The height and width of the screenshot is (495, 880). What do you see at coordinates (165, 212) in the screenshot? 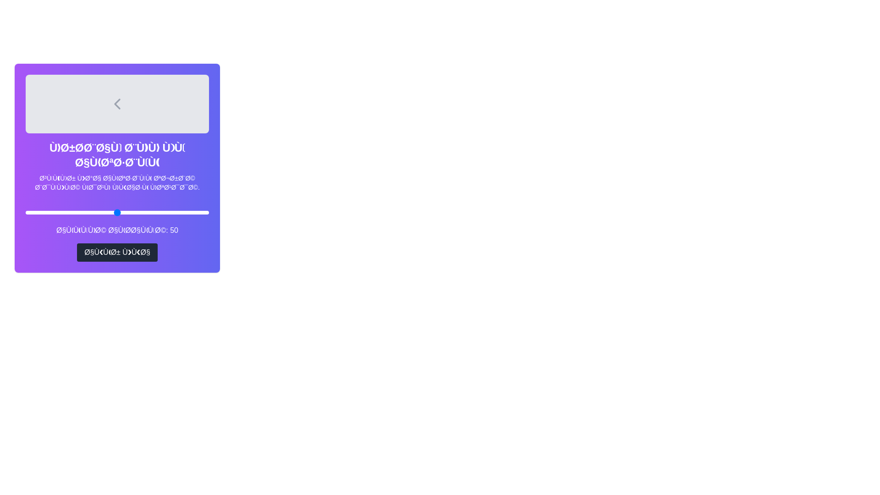
I see `the slider value` at bounding box center [165, 212].